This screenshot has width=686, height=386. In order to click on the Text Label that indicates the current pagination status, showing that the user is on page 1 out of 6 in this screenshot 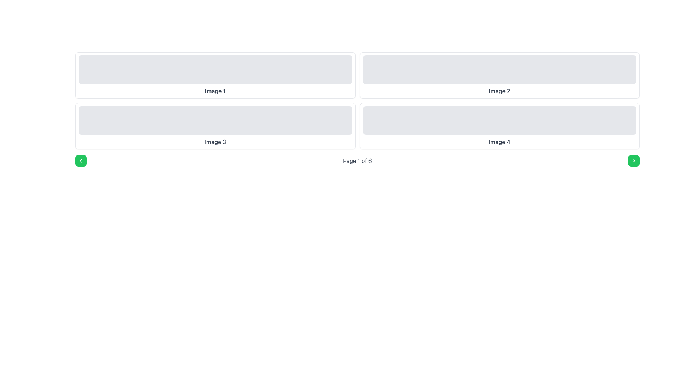, I will do `click(357, 161)`.